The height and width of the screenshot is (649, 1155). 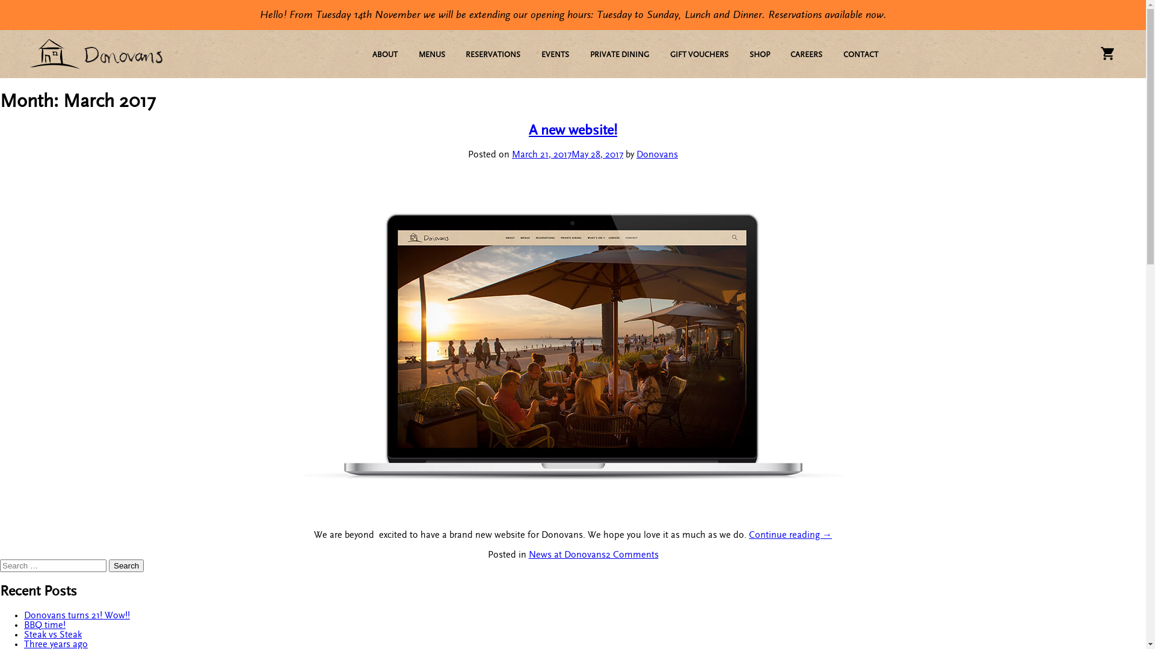 I want to click on '2 Comments, so click(x=631, y=554).